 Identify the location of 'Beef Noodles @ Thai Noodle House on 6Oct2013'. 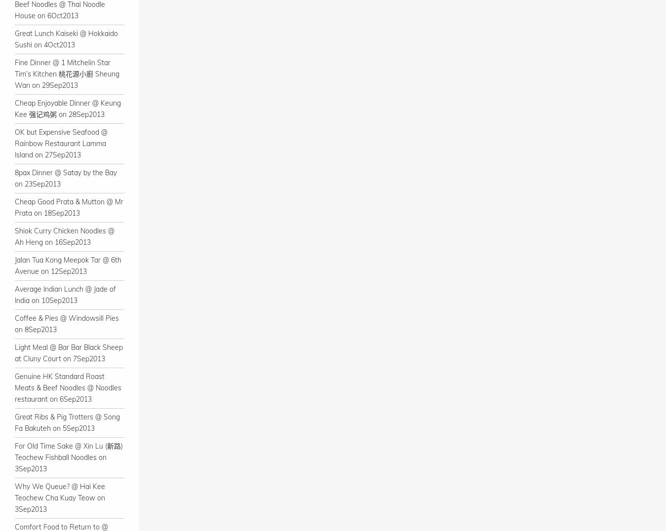
(14, 9).